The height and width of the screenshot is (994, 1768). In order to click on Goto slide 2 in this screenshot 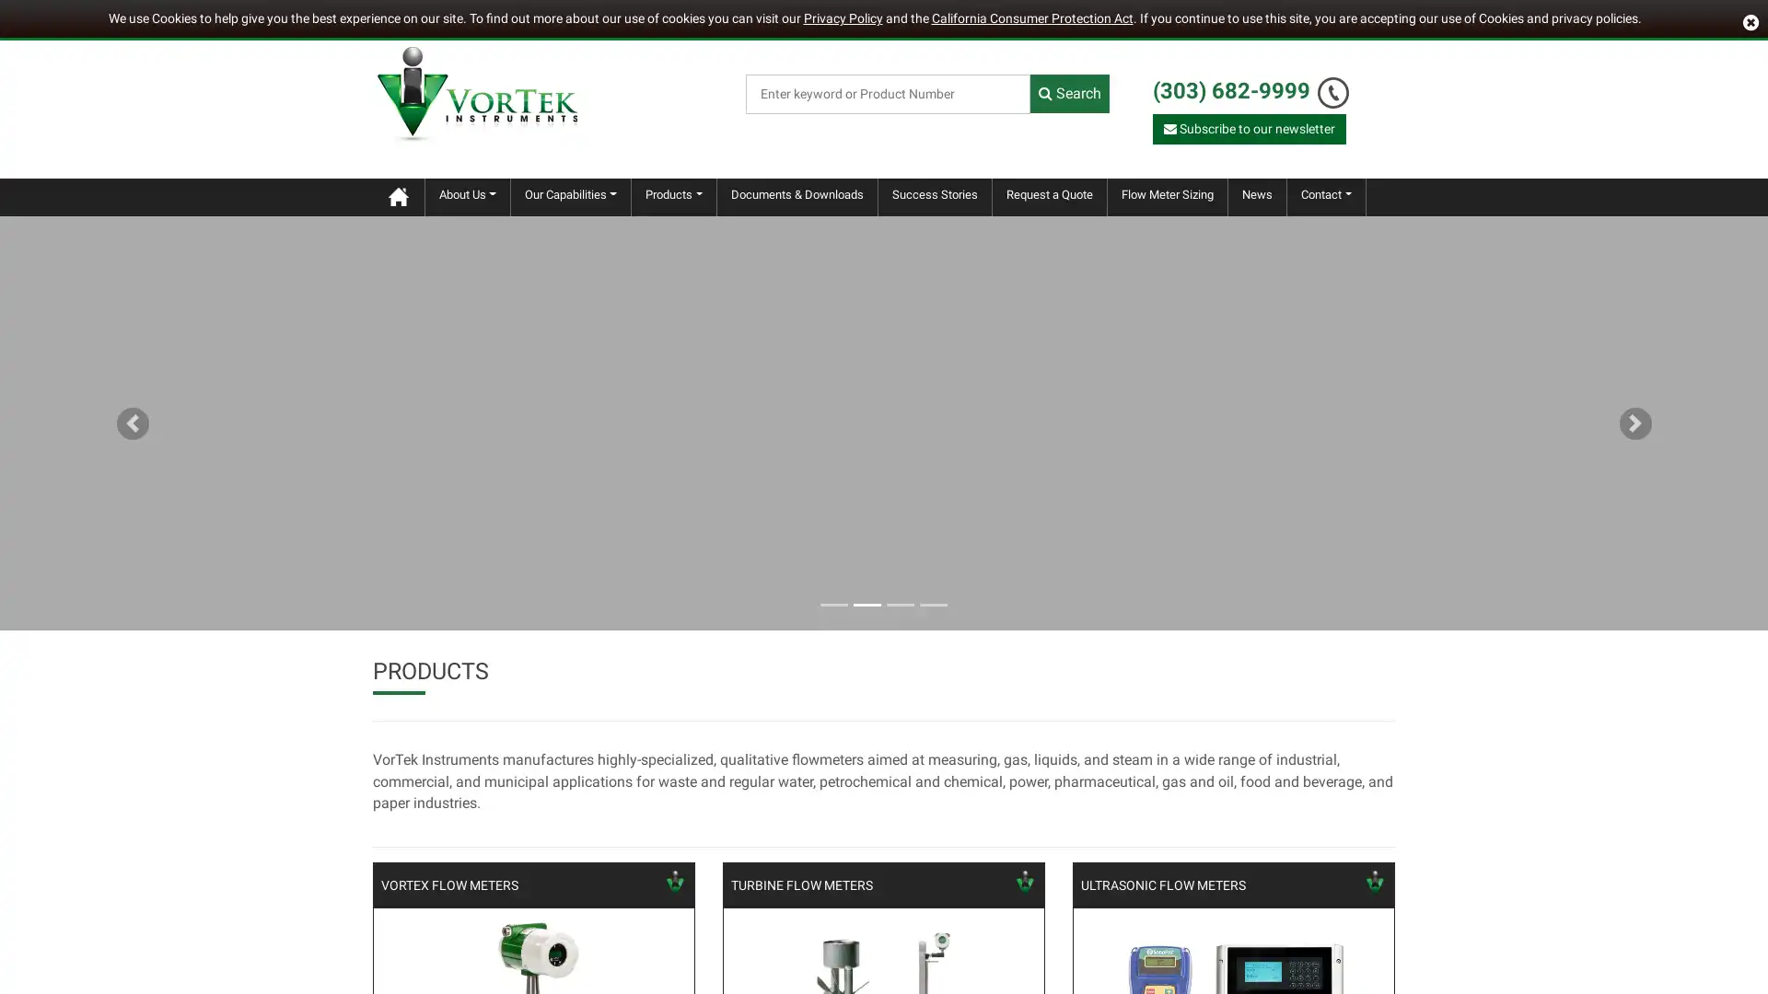, I will do `click(866, 566)`.